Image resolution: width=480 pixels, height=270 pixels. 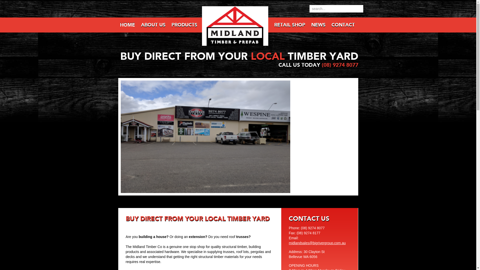 What do you see at coordinates (183, 25) in the screenshot?
I see `'PRODUCTS'` at bounding box center [183, 25].